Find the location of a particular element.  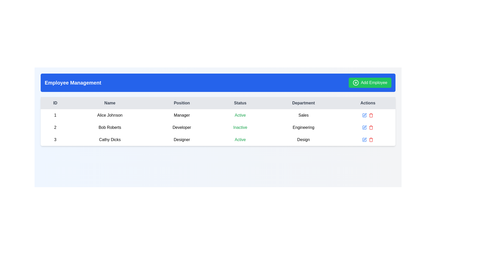

the edit icon button in the Actions column for the entry corresponding to 'Bob Roberts' in the second row is located at coordinates (364, 127).